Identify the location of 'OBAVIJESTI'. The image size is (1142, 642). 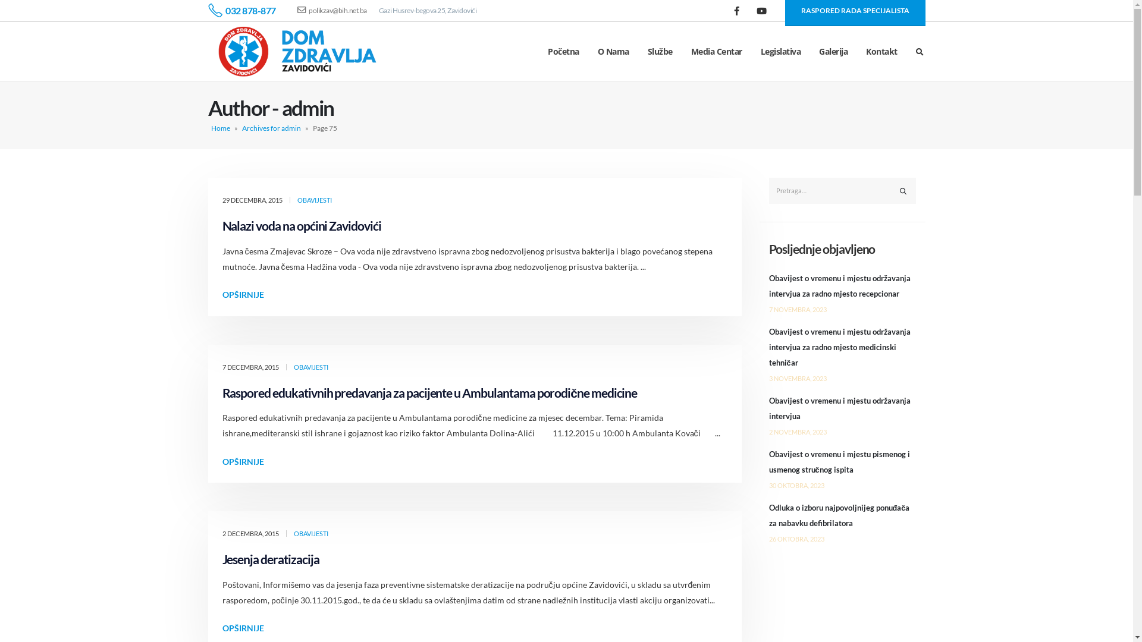
(314, 199).